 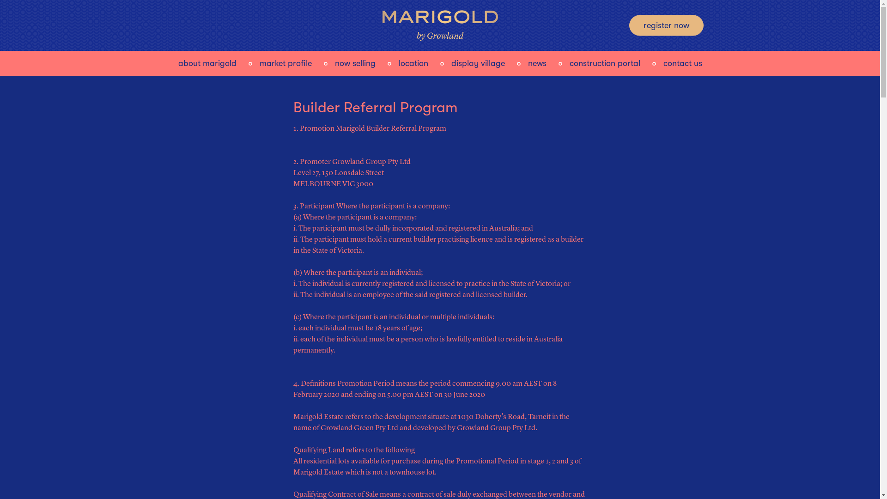 What do you see at coordinates (683, 61) in the screenshot?
I see `'contact us'` at bounding box center [683, 61].